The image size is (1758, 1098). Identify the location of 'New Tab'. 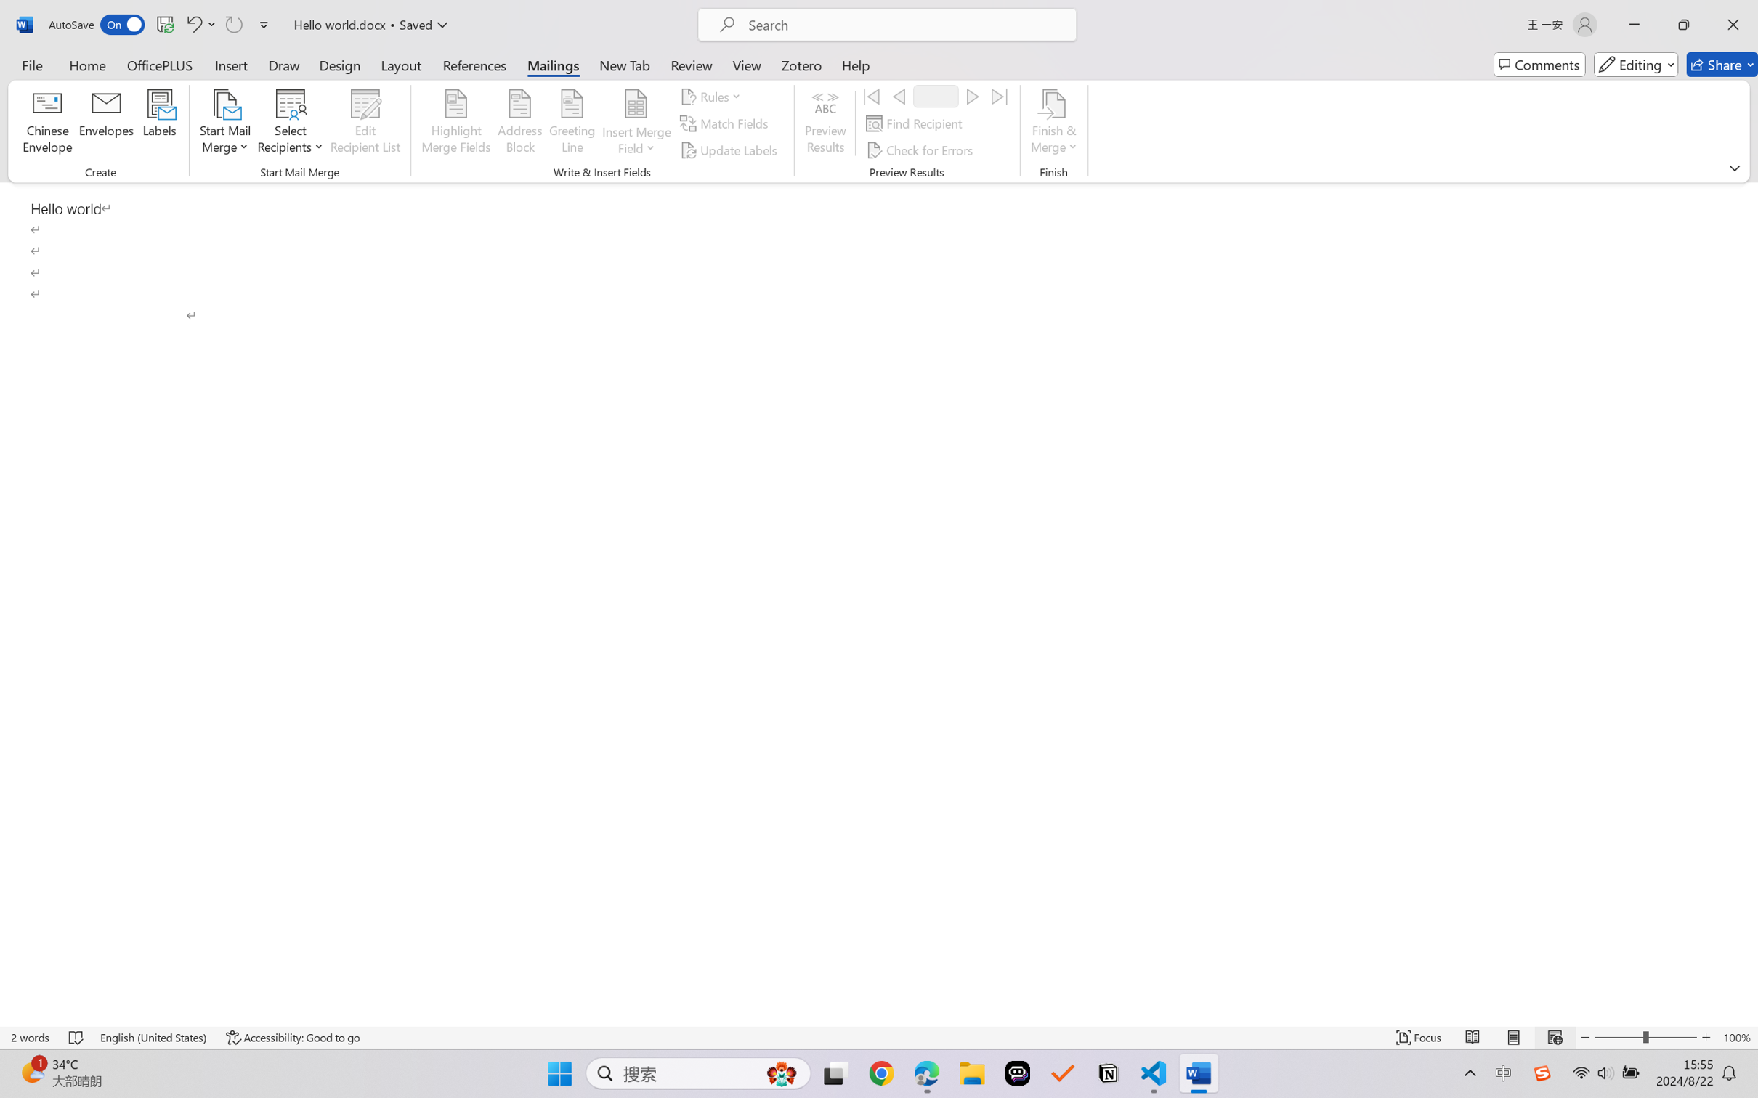
(624, 64).